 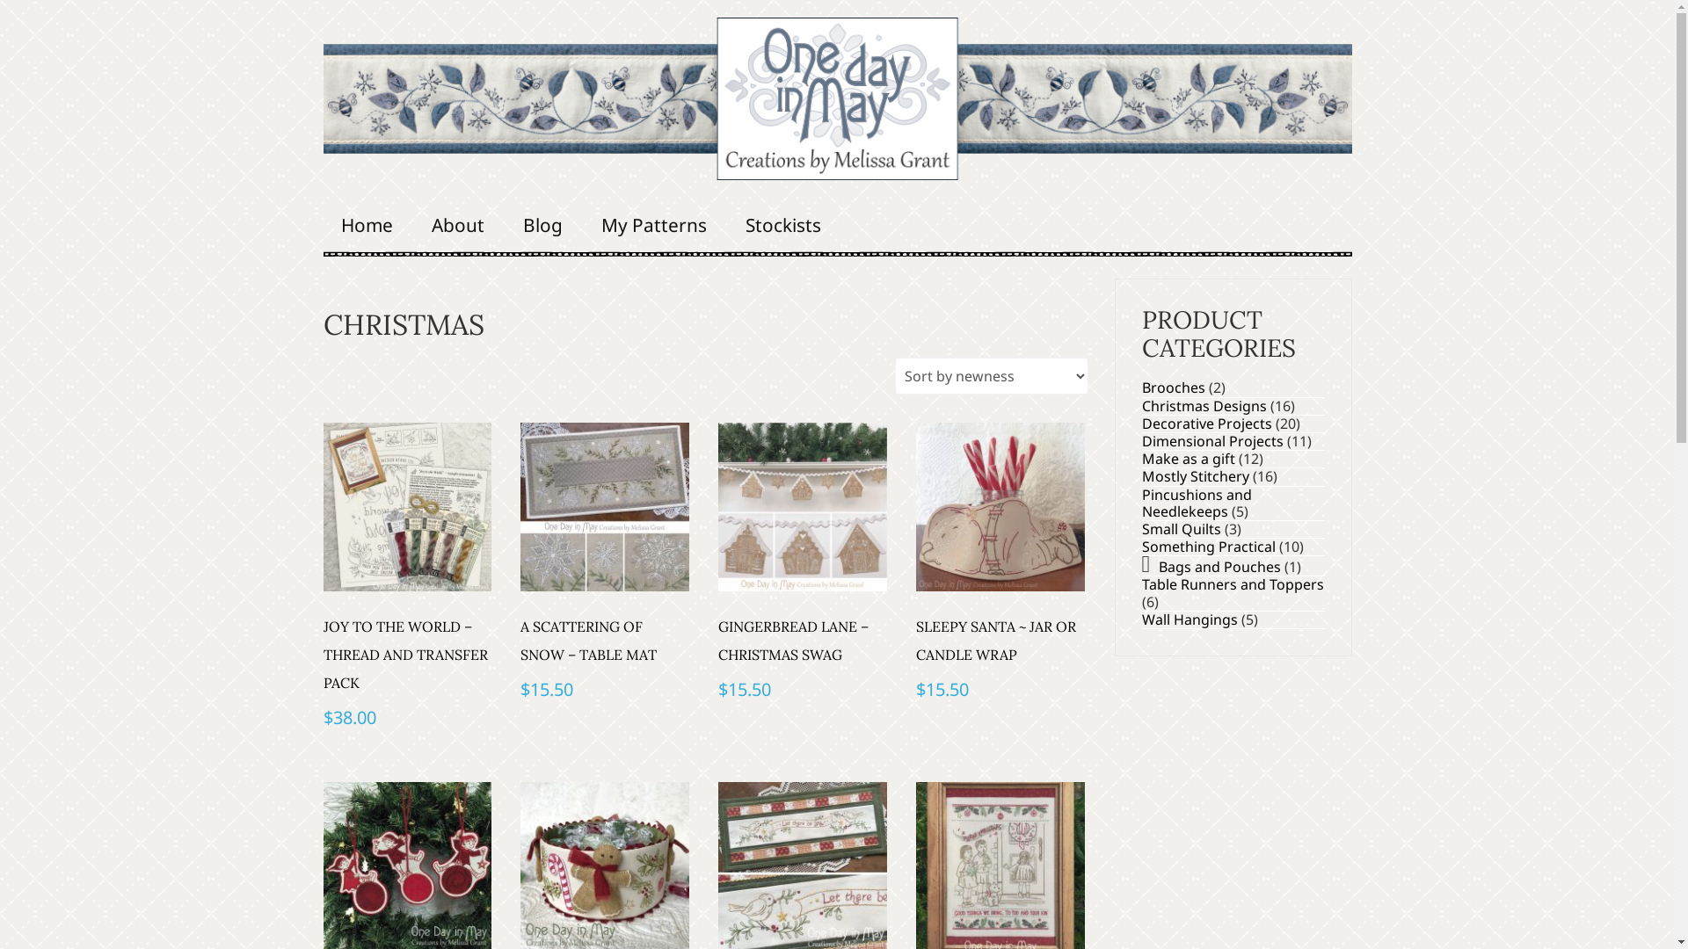 What do you see at coordinates (1205, 424) in the screenshot?
I see `'Decorative Projects'` at bounding box center [1205, 424].